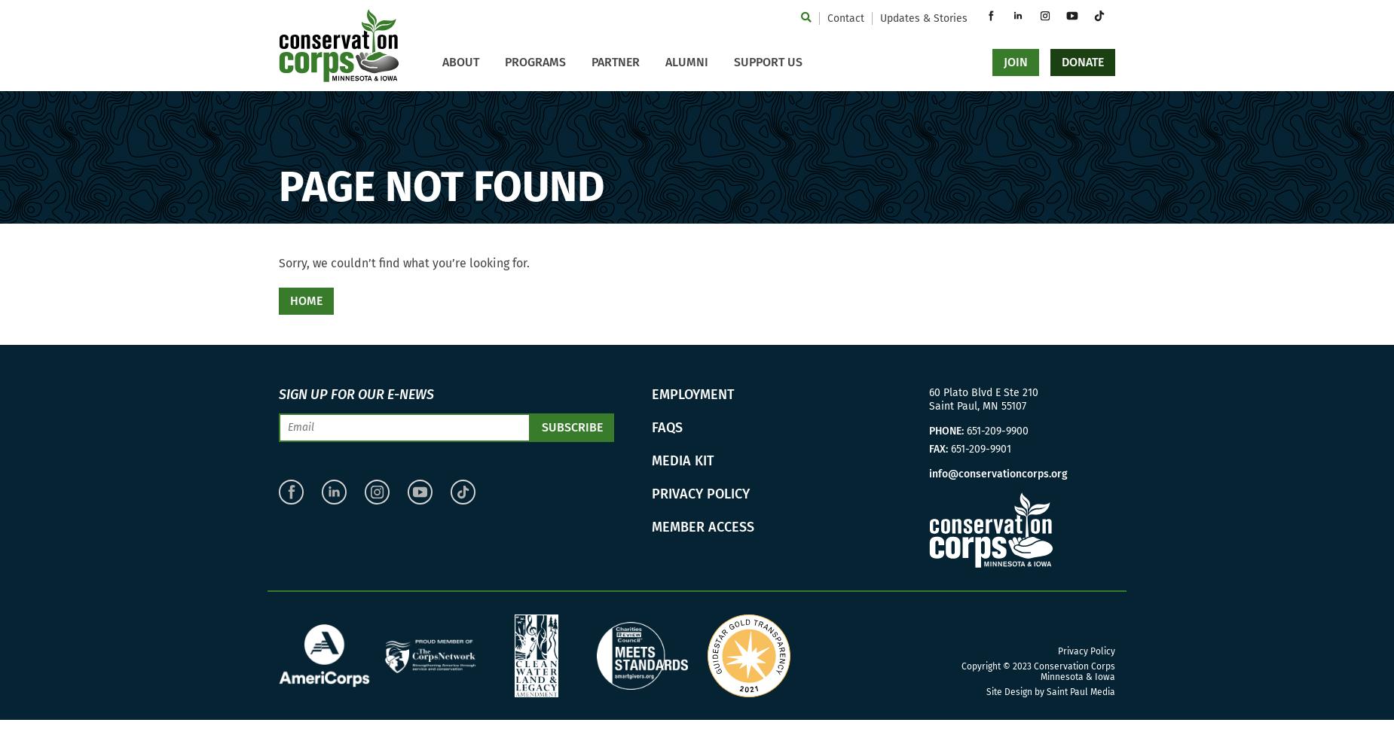  I want to click on 'Page not found', so click(442, 186).